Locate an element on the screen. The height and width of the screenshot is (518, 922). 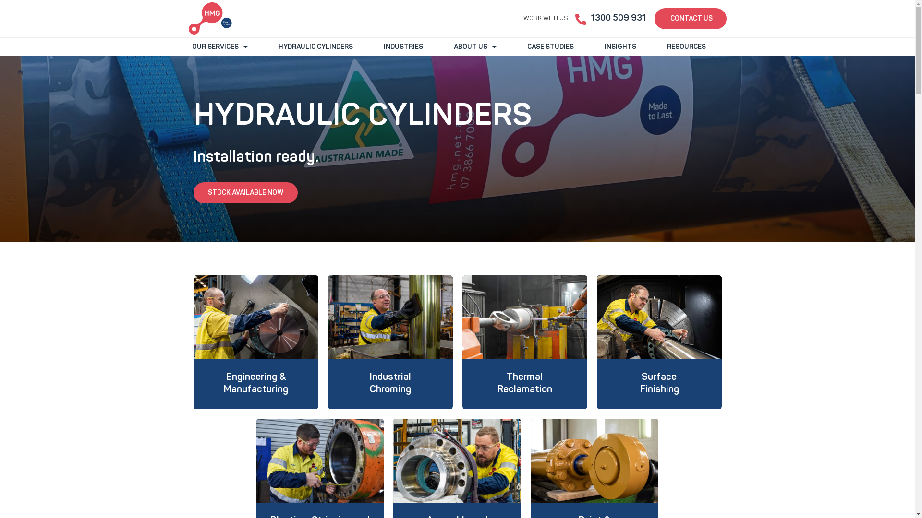
'INSIGHTS' is located at coordinates (620, 47).